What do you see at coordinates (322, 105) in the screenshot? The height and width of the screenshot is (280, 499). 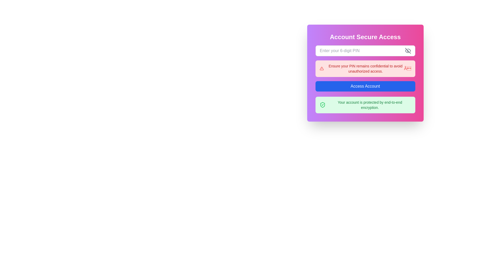 I see `the security icon located within the greenish light notification box, which is to the left of the text 'Your account is protected by end-to-end encryption.'` at bounding box center [322, 105].